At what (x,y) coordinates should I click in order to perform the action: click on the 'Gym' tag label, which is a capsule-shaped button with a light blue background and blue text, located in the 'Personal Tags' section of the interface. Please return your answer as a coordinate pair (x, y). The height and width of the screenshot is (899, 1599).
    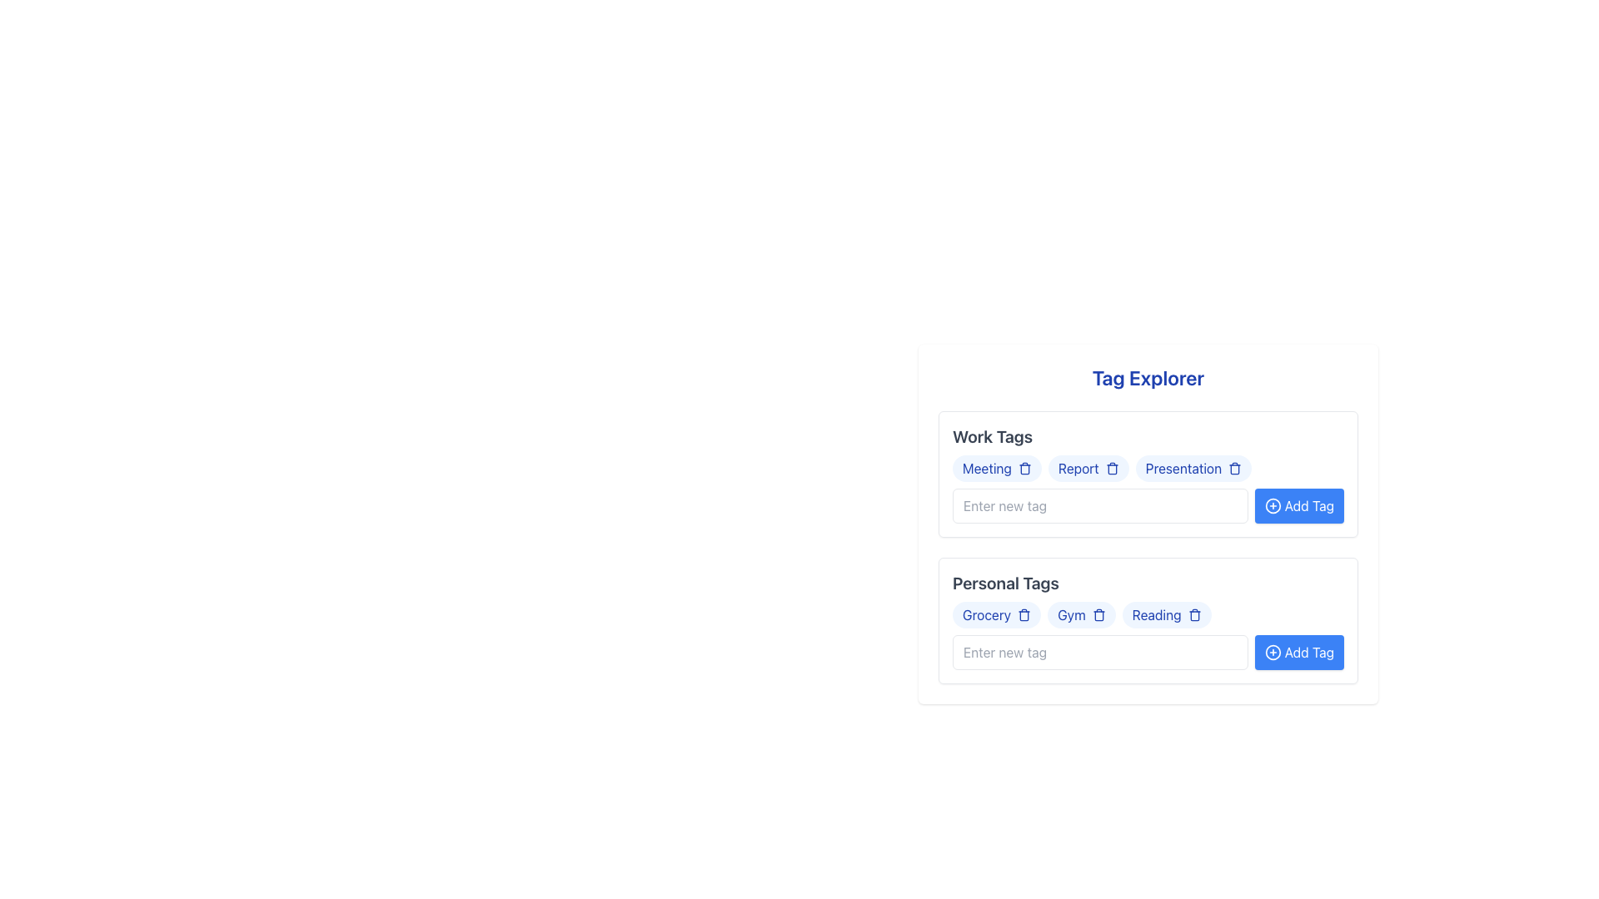
    Looking at the image, I should click on (1081, 615).